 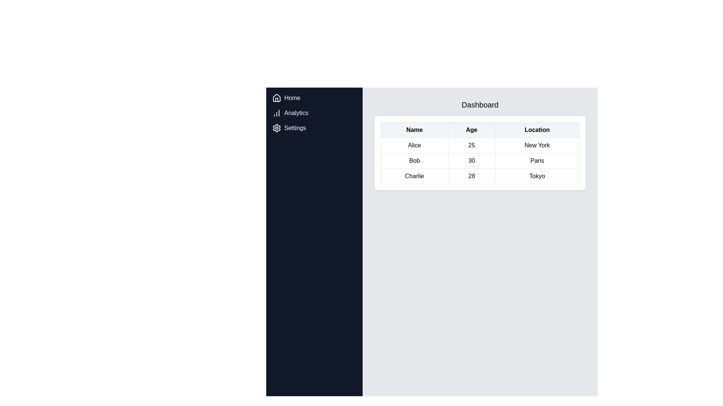 I want to click on the second row of the table displaying 'Bob', '30', and 'Paris', so click(x=480, y=161).